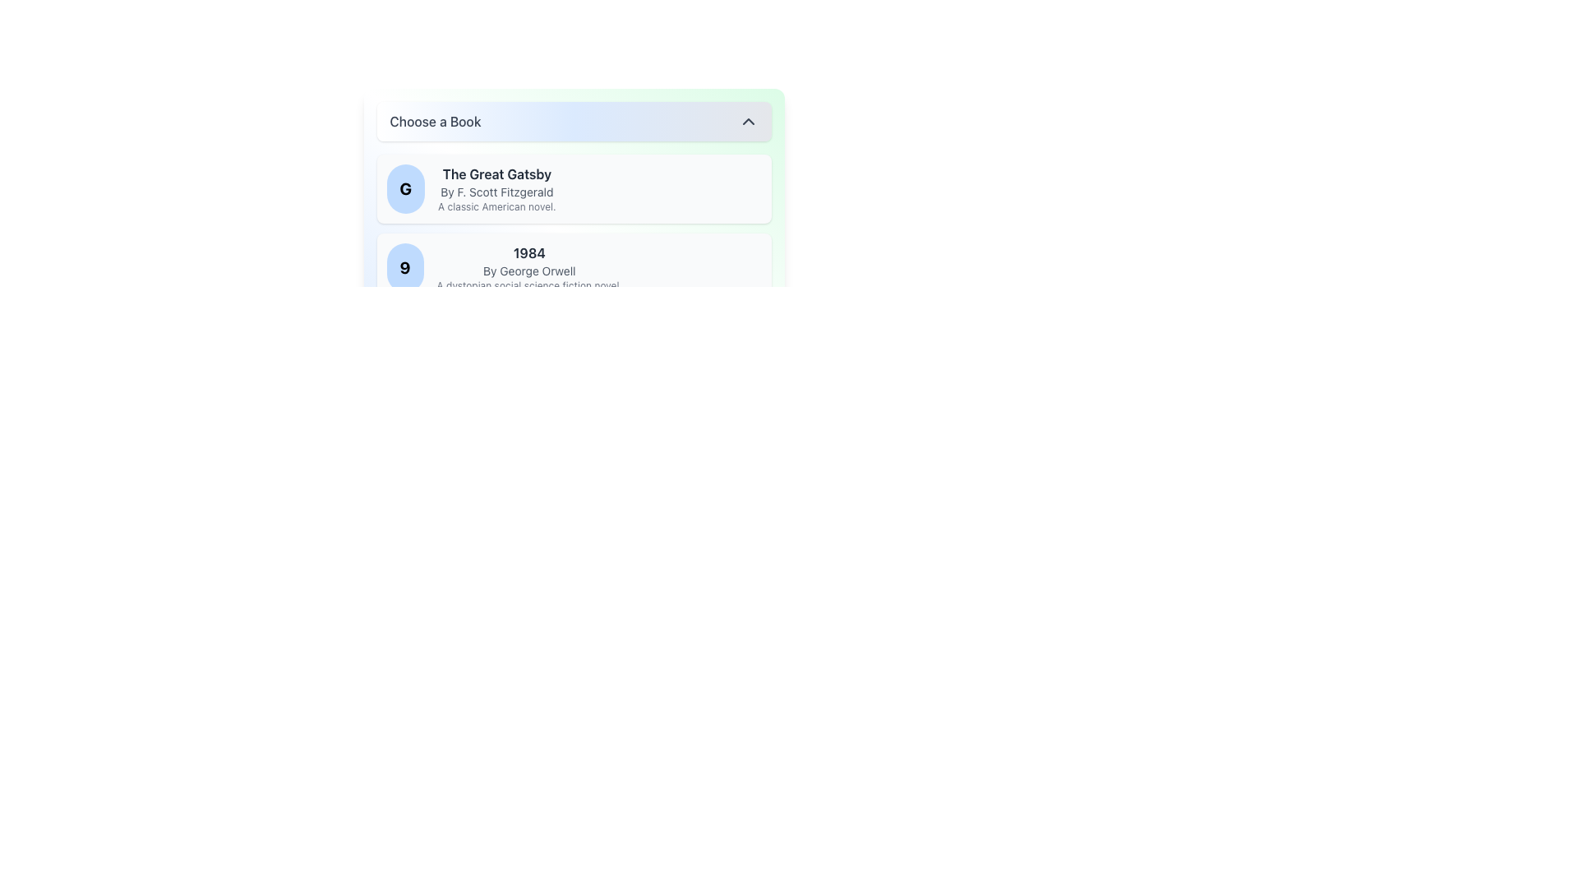 This screenshot has width=1578, height=888. What do you see at coordinates (574, 188) in the screenshot?
I see `the first selectable card in the list titled 'The Great Gatsby'` at bounding box center [574, 188].